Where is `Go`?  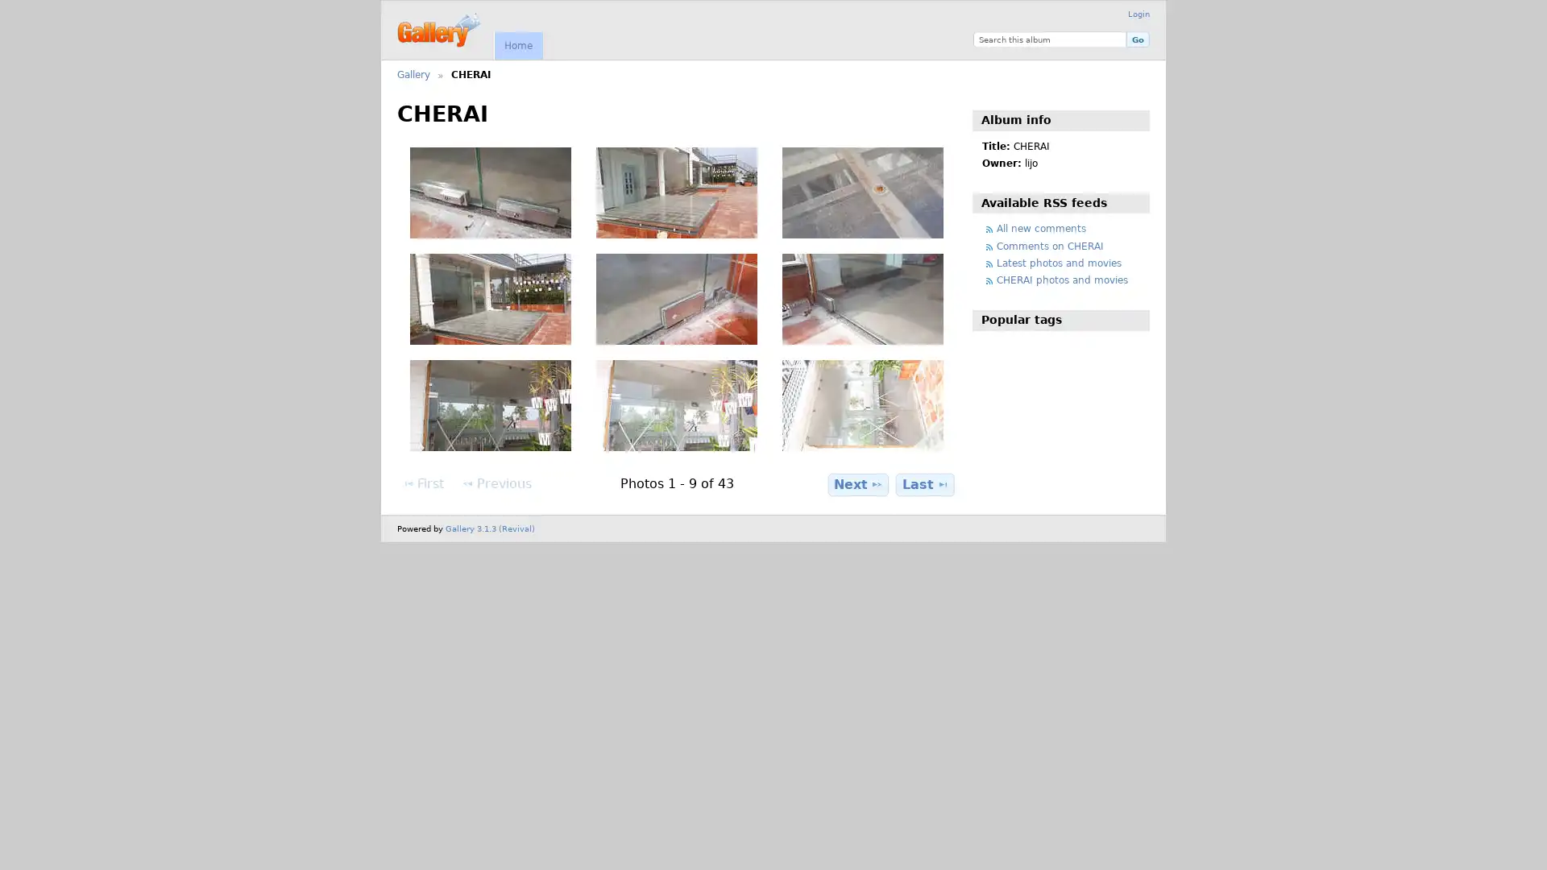 Go is located at coordinates (1136, 37).